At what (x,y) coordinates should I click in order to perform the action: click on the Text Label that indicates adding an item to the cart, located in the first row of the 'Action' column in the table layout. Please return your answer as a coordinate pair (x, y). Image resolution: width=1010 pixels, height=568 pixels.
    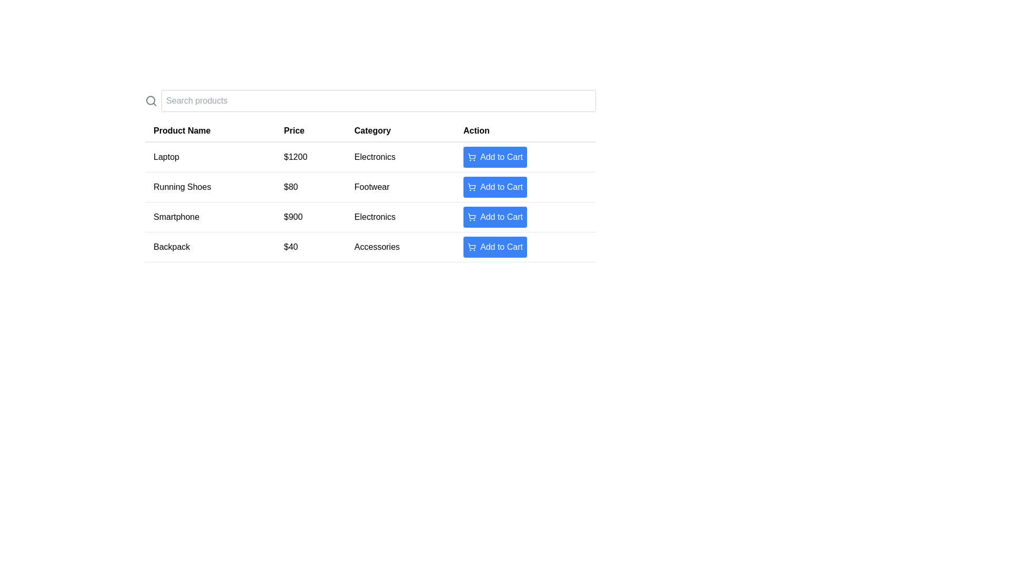
    Looking at the image, I should click on (501, 157).